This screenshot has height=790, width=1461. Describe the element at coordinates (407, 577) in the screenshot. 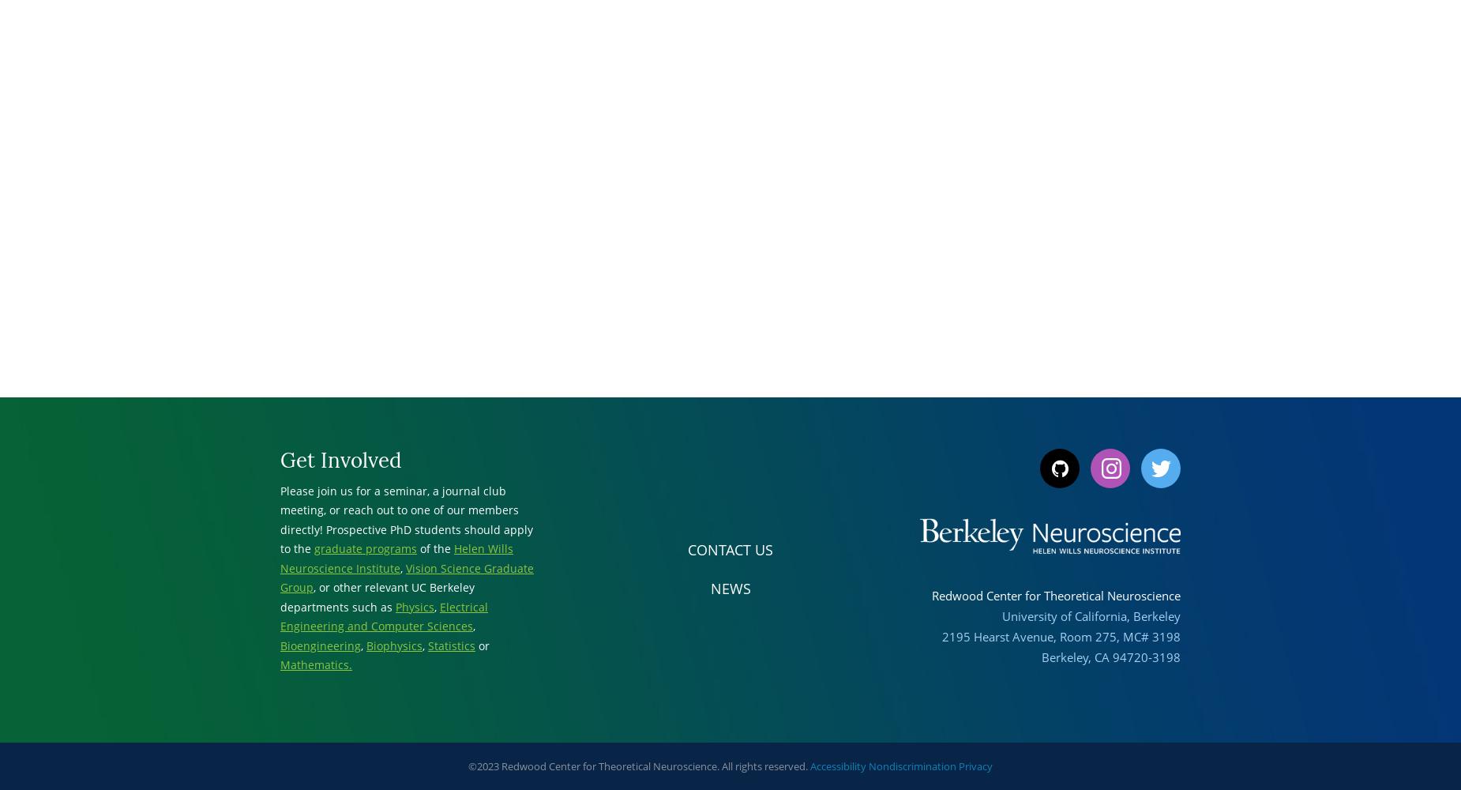

I see `'Vision Science Graduate Group'` at that location.